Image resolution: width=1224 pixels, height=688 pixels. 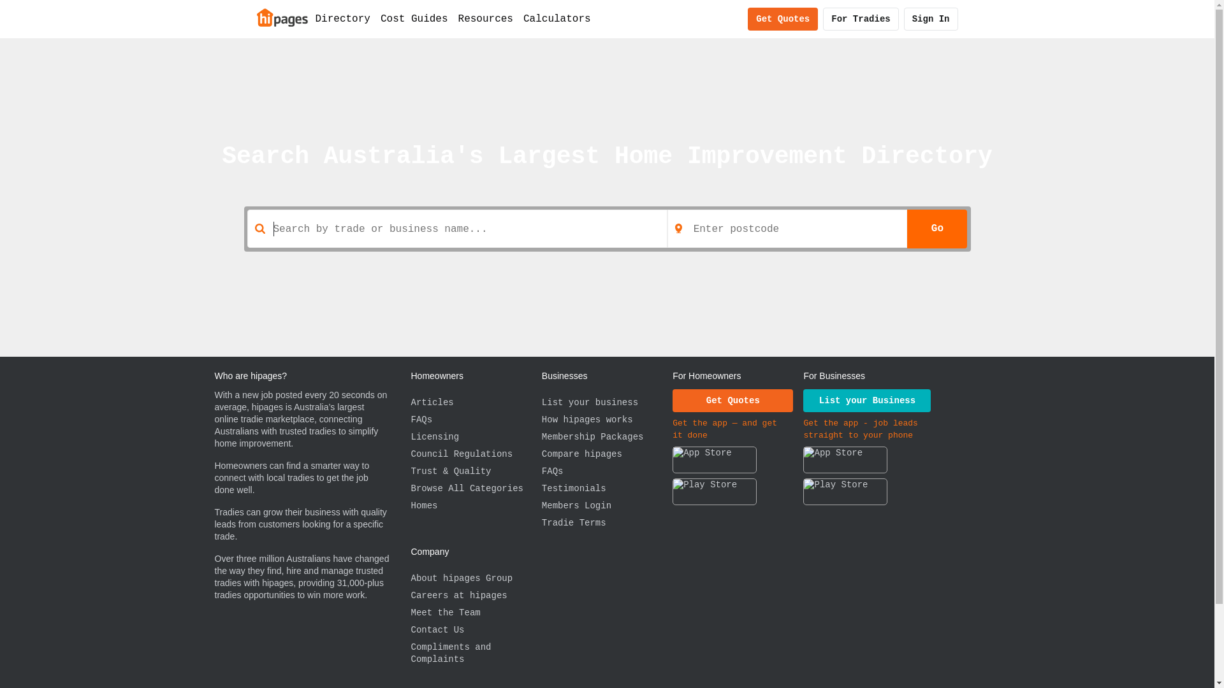 What do you see at coordinates (936, 227) in the screenshot?
I see `'Go'` at bounding box center [936, 227].